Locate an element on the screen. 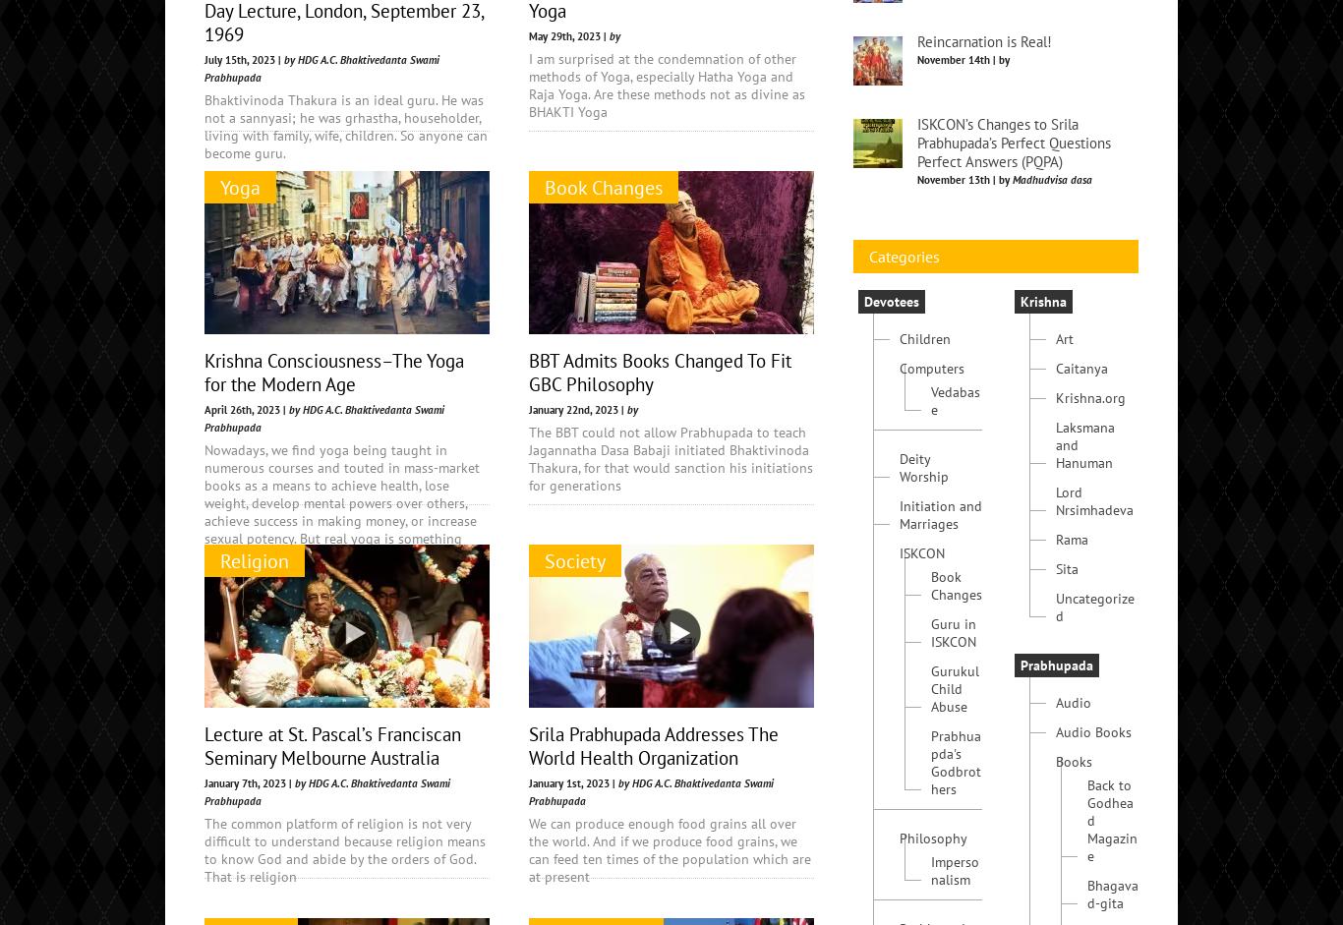 This screenshot has width=1343, height=925. 'Categories' is located at coordinates (905, 403).